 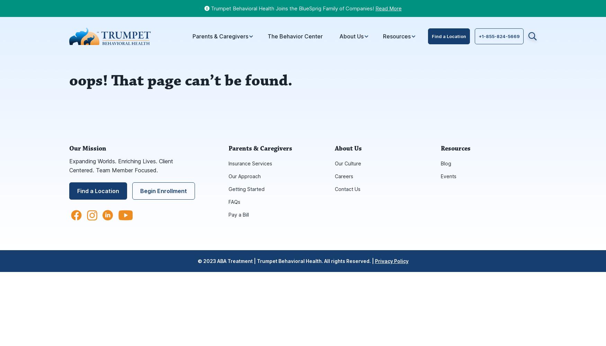 I want to click on 'Trumpet Behavioral Health Joins the BlueSprig Family of Companies!', so click(x=292, y=8).